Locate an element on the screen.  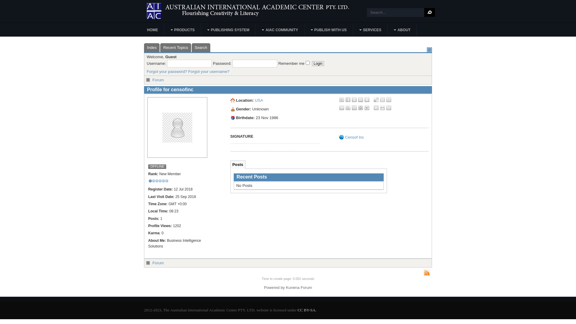
'USA' is located at coordinates (255, 100).